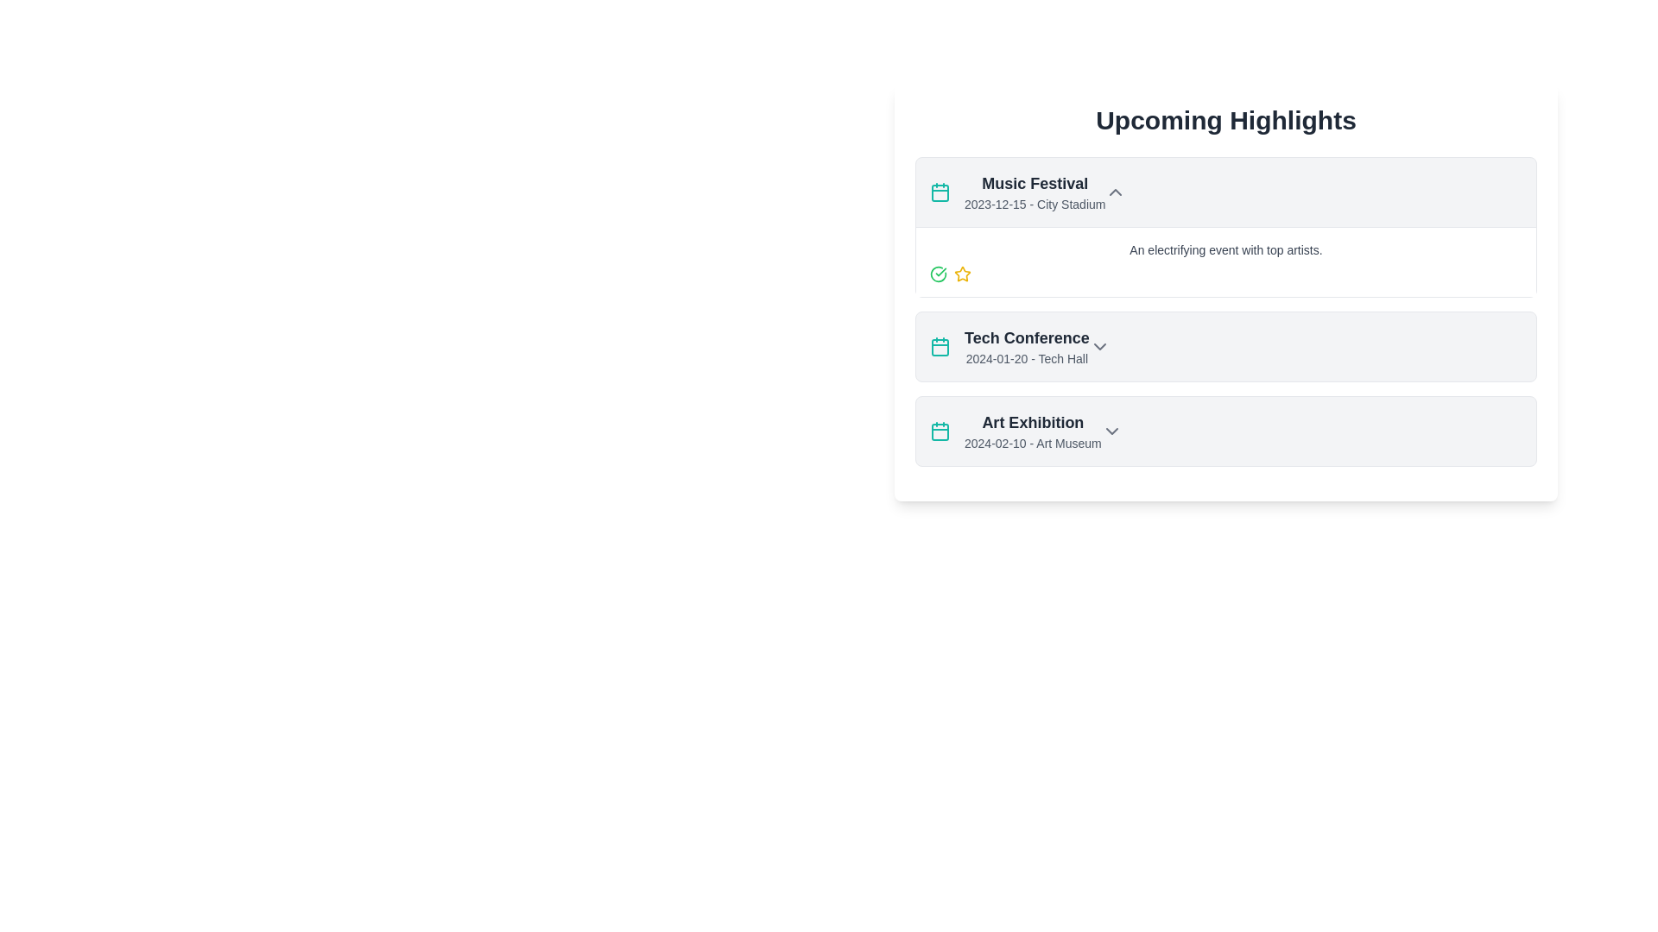 The height and width of the screenshot is (932, 1658). I want to click on the green circular icon with a checkmark in the 'Upcoming Highlights' section for the 'Music Festival' event to observe its tool-tip or visual feedback, so click(937, 273).